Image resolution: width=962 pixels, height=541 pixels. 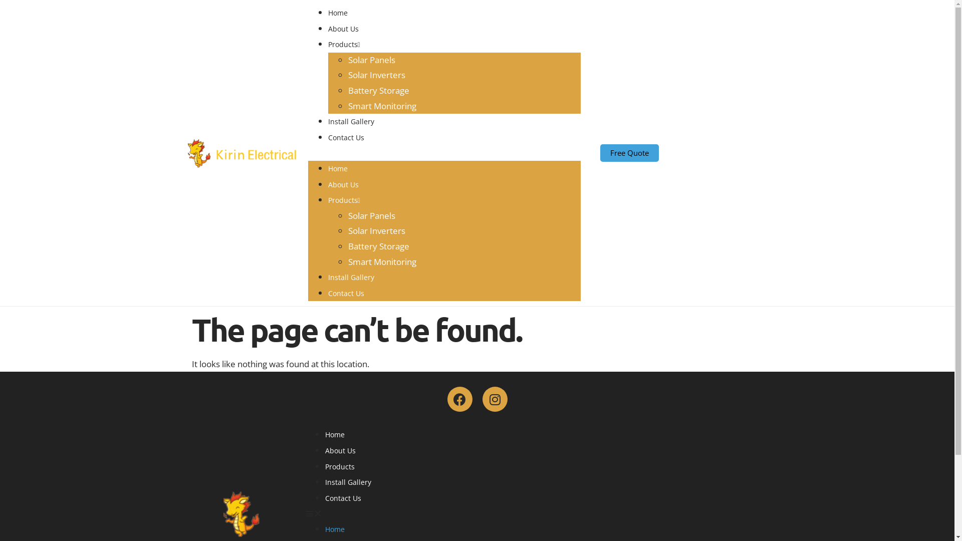 What do you see at coordinates (337, 168) in the screenshot?
I see `'Home'` at bounding box center [337, 168].